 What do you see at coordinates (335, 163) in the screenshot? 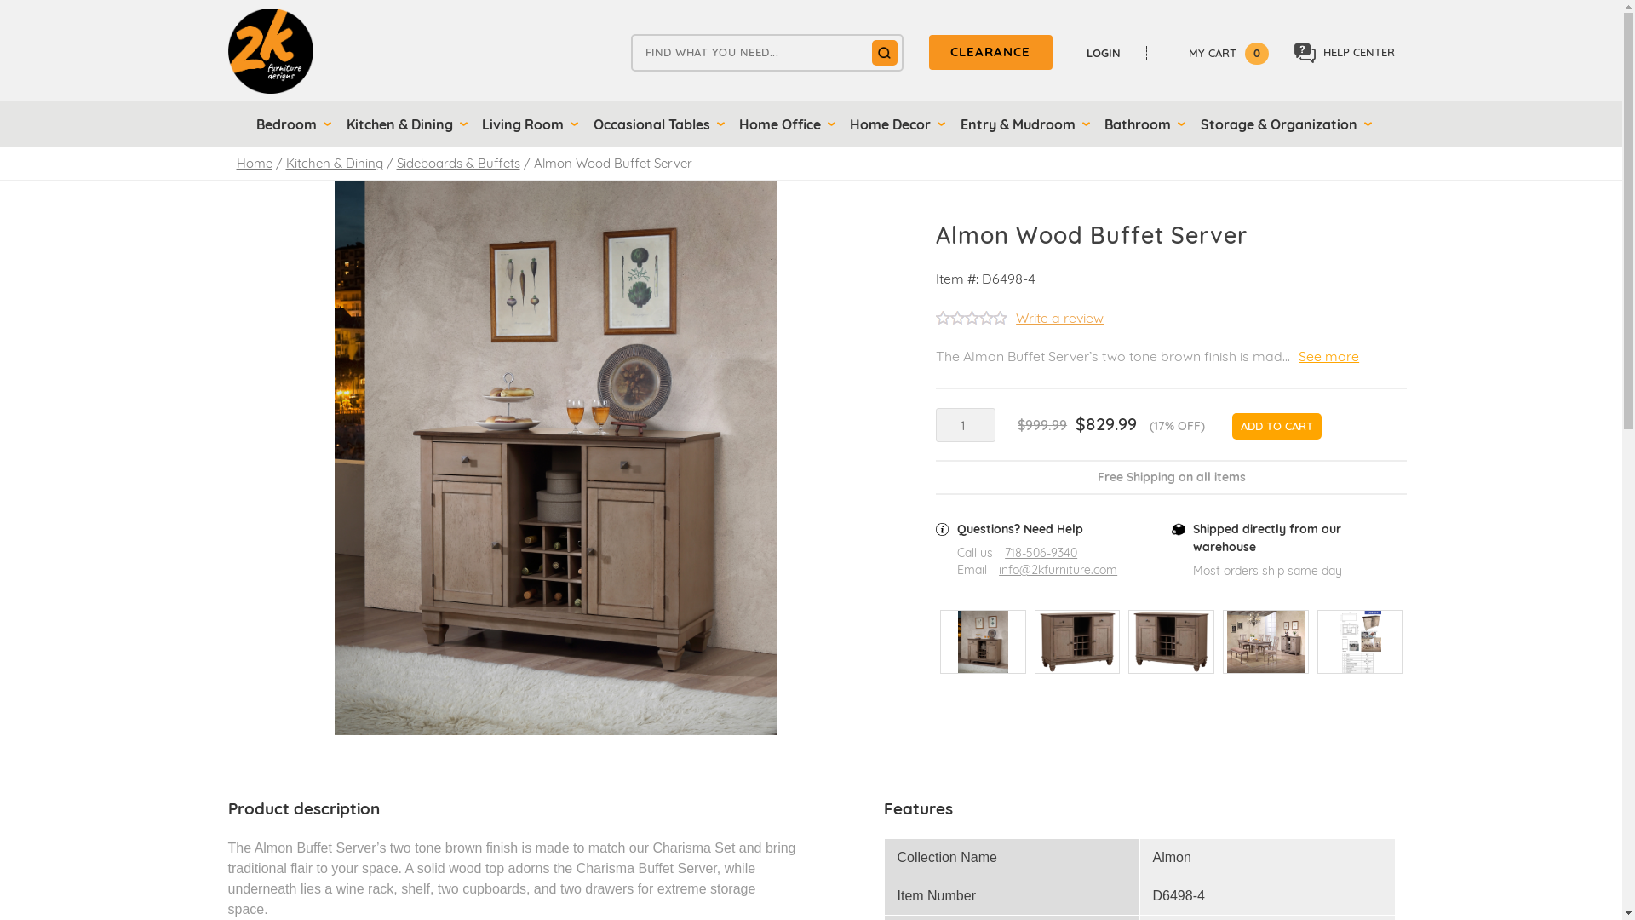
I see `'Kitchen & Dining'` at bounding box center [335, 163].